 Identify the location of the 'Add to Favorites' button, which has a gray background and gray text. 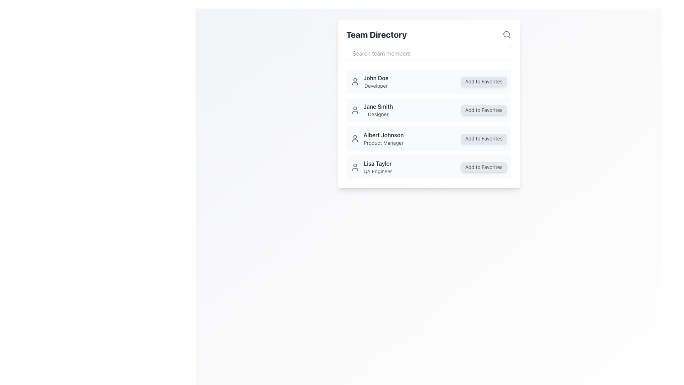
(484, 81).